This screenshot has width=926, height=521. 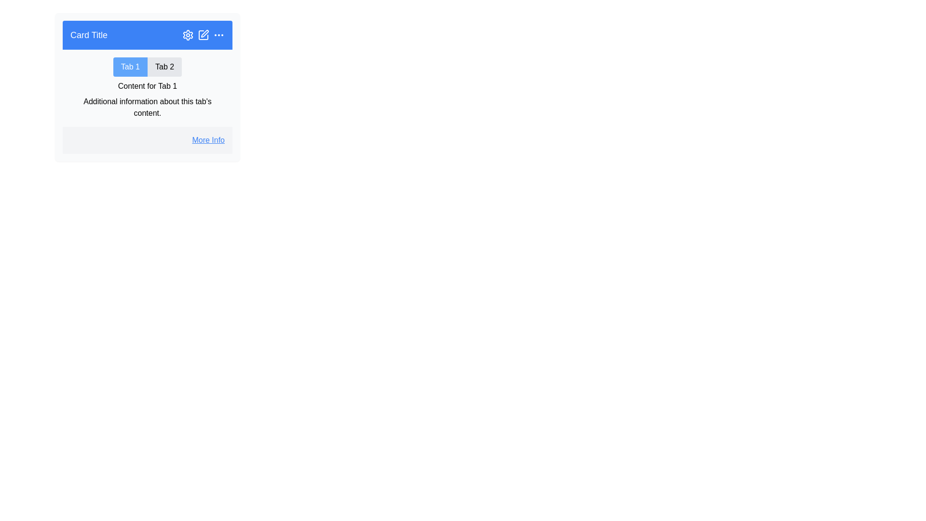 What do you see at coordinates (188, 35) in the screenshot?
I see `the settings icon button located in the header section of the card component, which is the second icon from the left in a horizontally aligned group of three icons` at bounding box center [188, 35].